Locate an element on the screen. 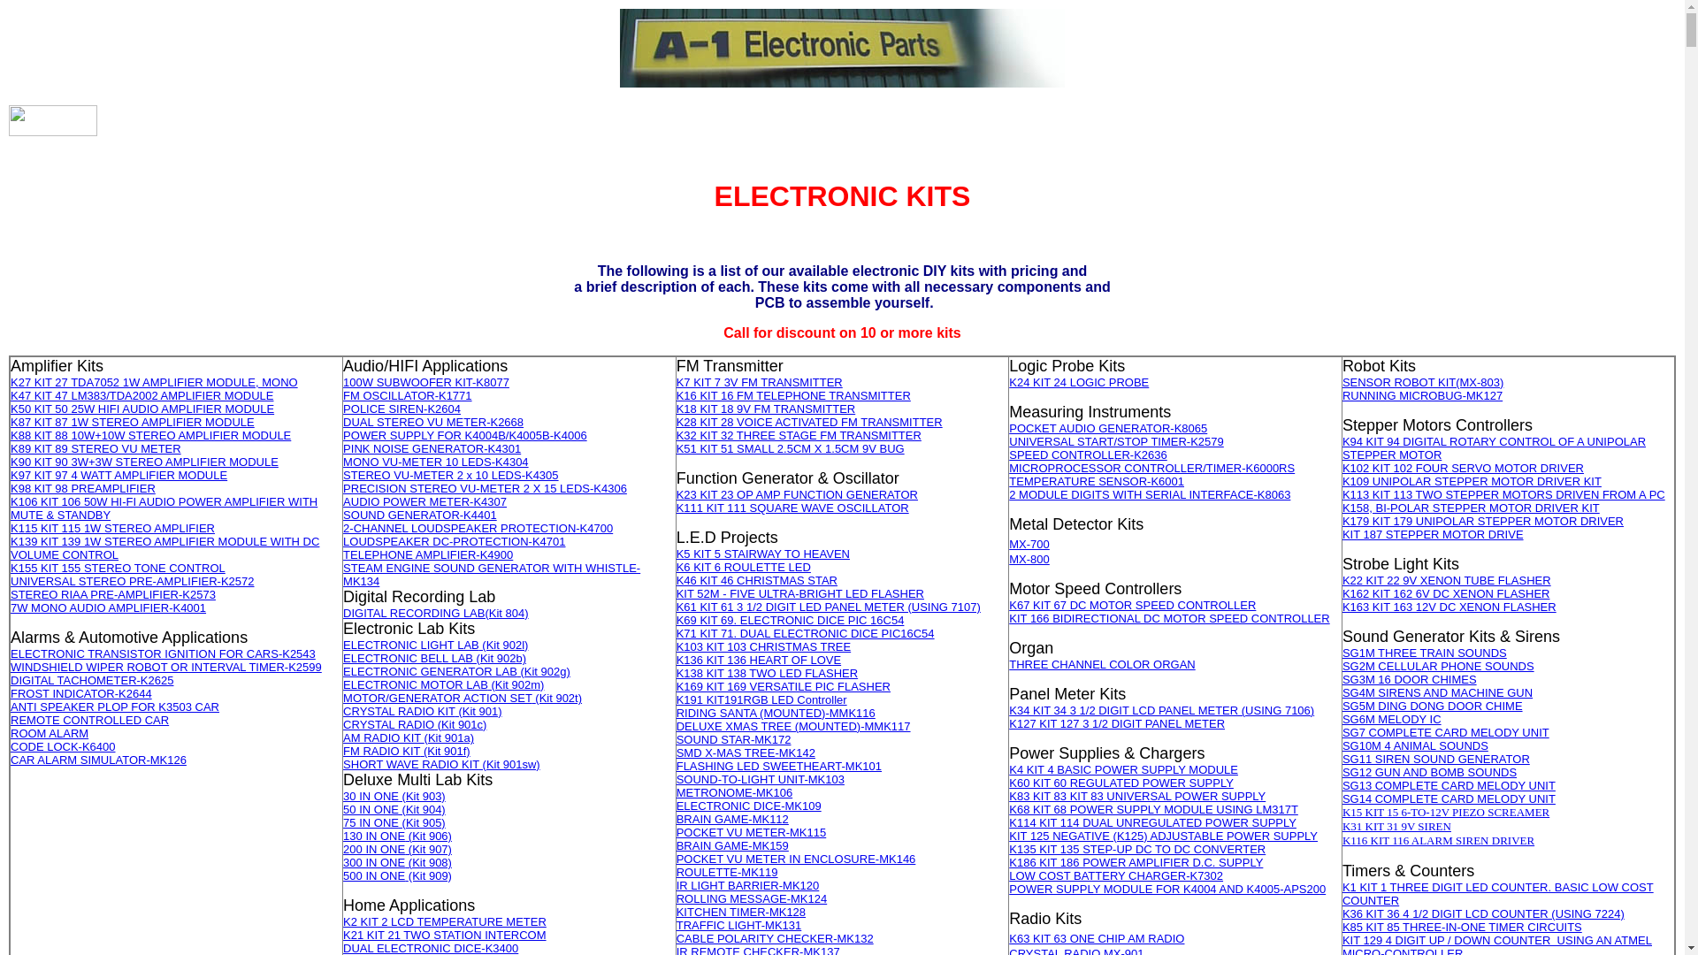  'K158, BI-POLAR STEPPER MOTOR DRIVER KIT' is located at coordinates (1471, 508).